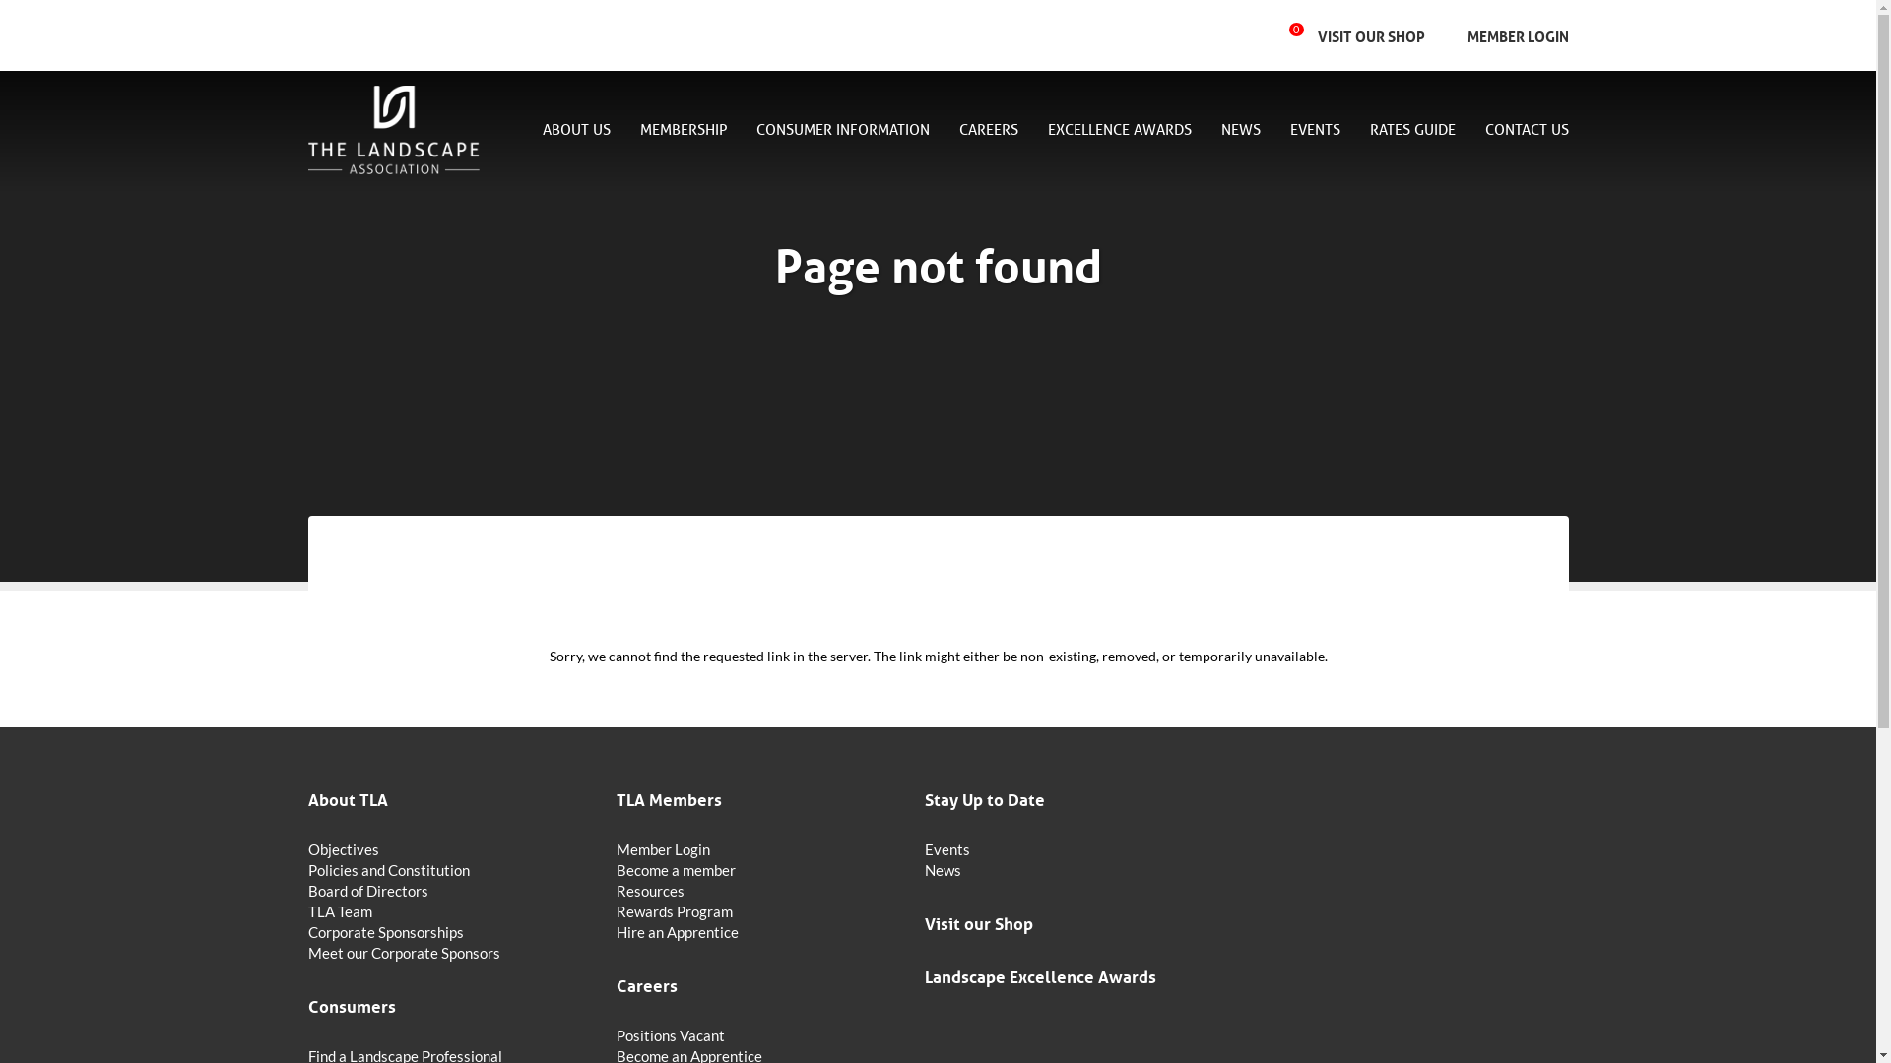 Image resolution: width=1891 pixels, height=1063 pixels. Describe the element at coordinates (1066, 975) in the screenshot. I see `'Landscape Excellence Awards'` at that location.